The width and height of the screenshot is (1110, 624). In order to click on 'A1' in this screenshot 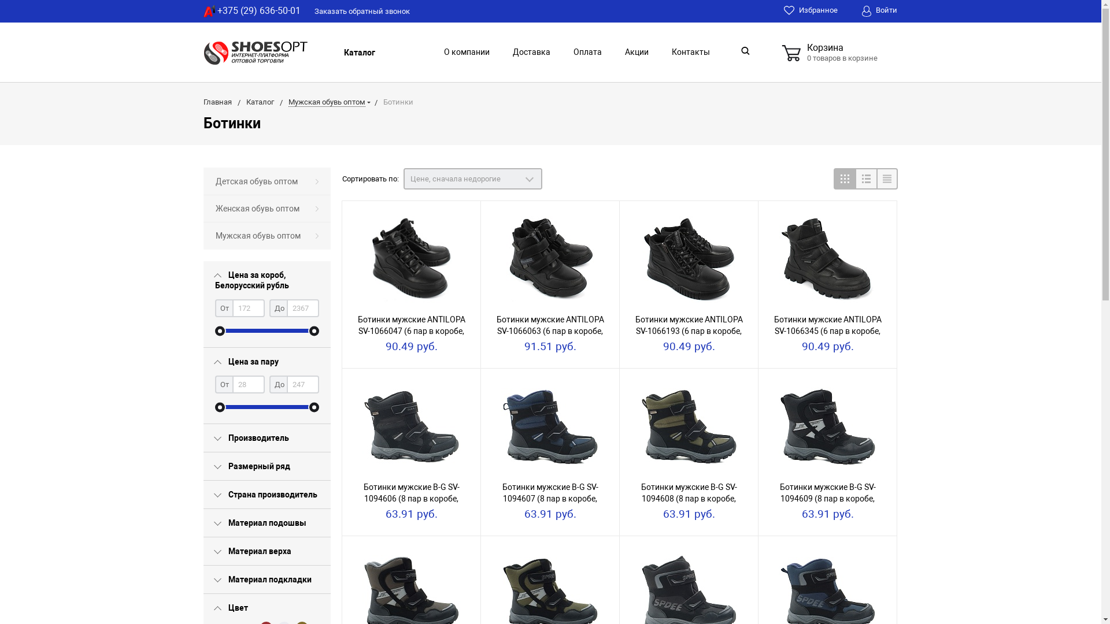, I will do `click(209, 11)`.